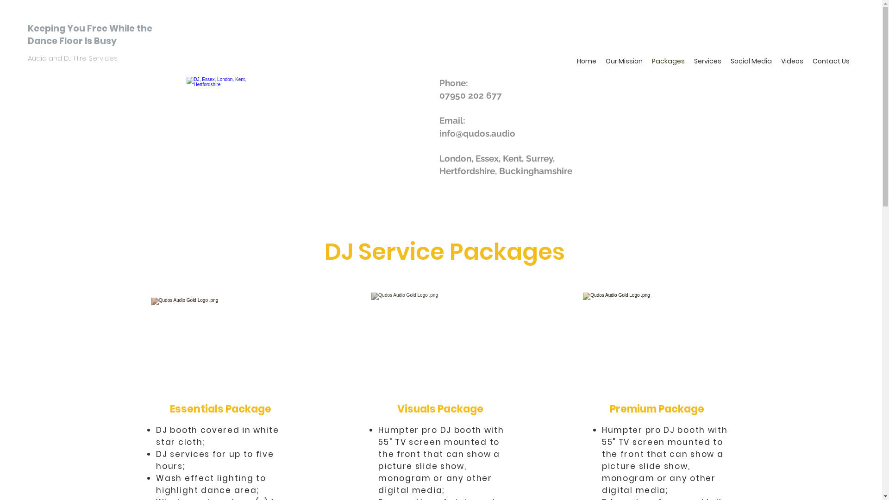 This screenshot has height=500, width=889. What do you see at coordinates (601, 61) in the screenshot?
I see `'Our Mission'` at bounding box center [601, 61].